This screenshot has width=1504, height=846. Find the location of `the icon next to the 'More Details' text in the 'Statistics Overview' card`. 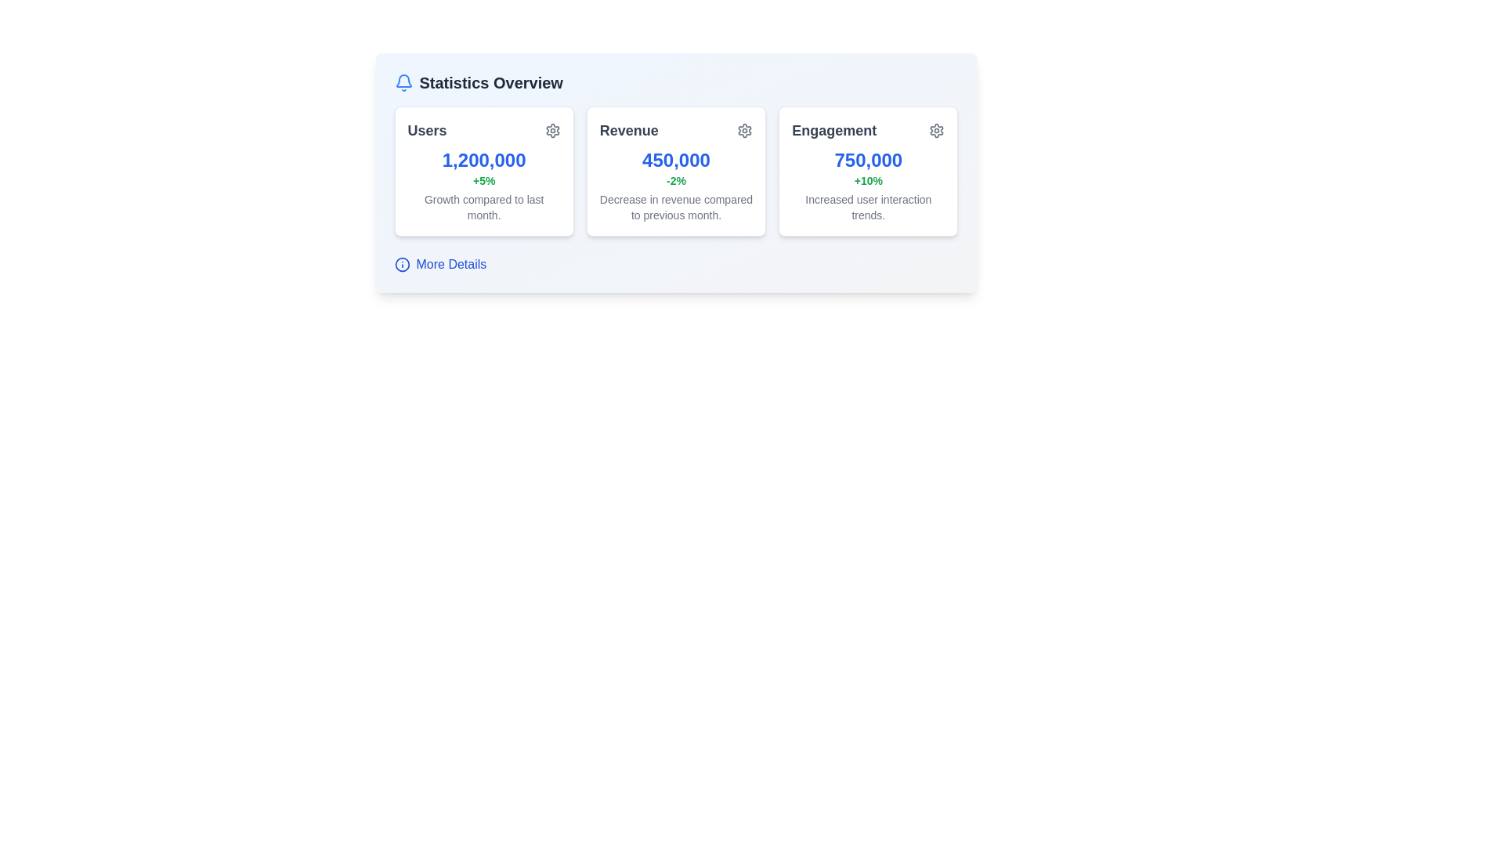

the icon next to the 'More Details' text in the 'Statistics Overview' card is located at coordinates (402, 264).